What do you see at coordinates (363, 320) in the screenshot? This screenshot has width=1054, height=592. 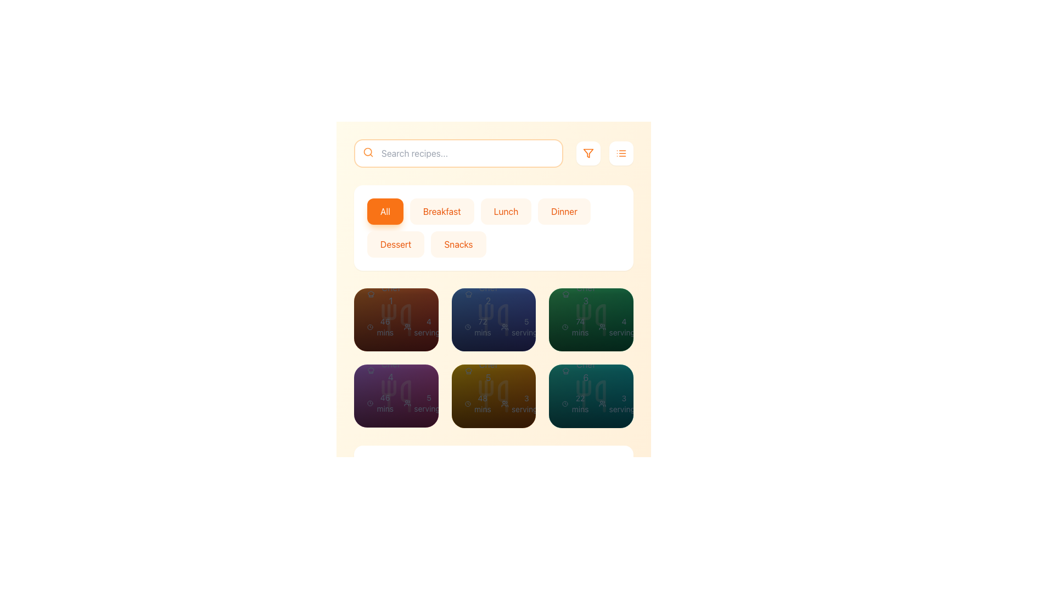 I see `the heart-shaped icon inside the circular red button located in the top-left corner of the brown recipe card` at bounding box center [363, 320].